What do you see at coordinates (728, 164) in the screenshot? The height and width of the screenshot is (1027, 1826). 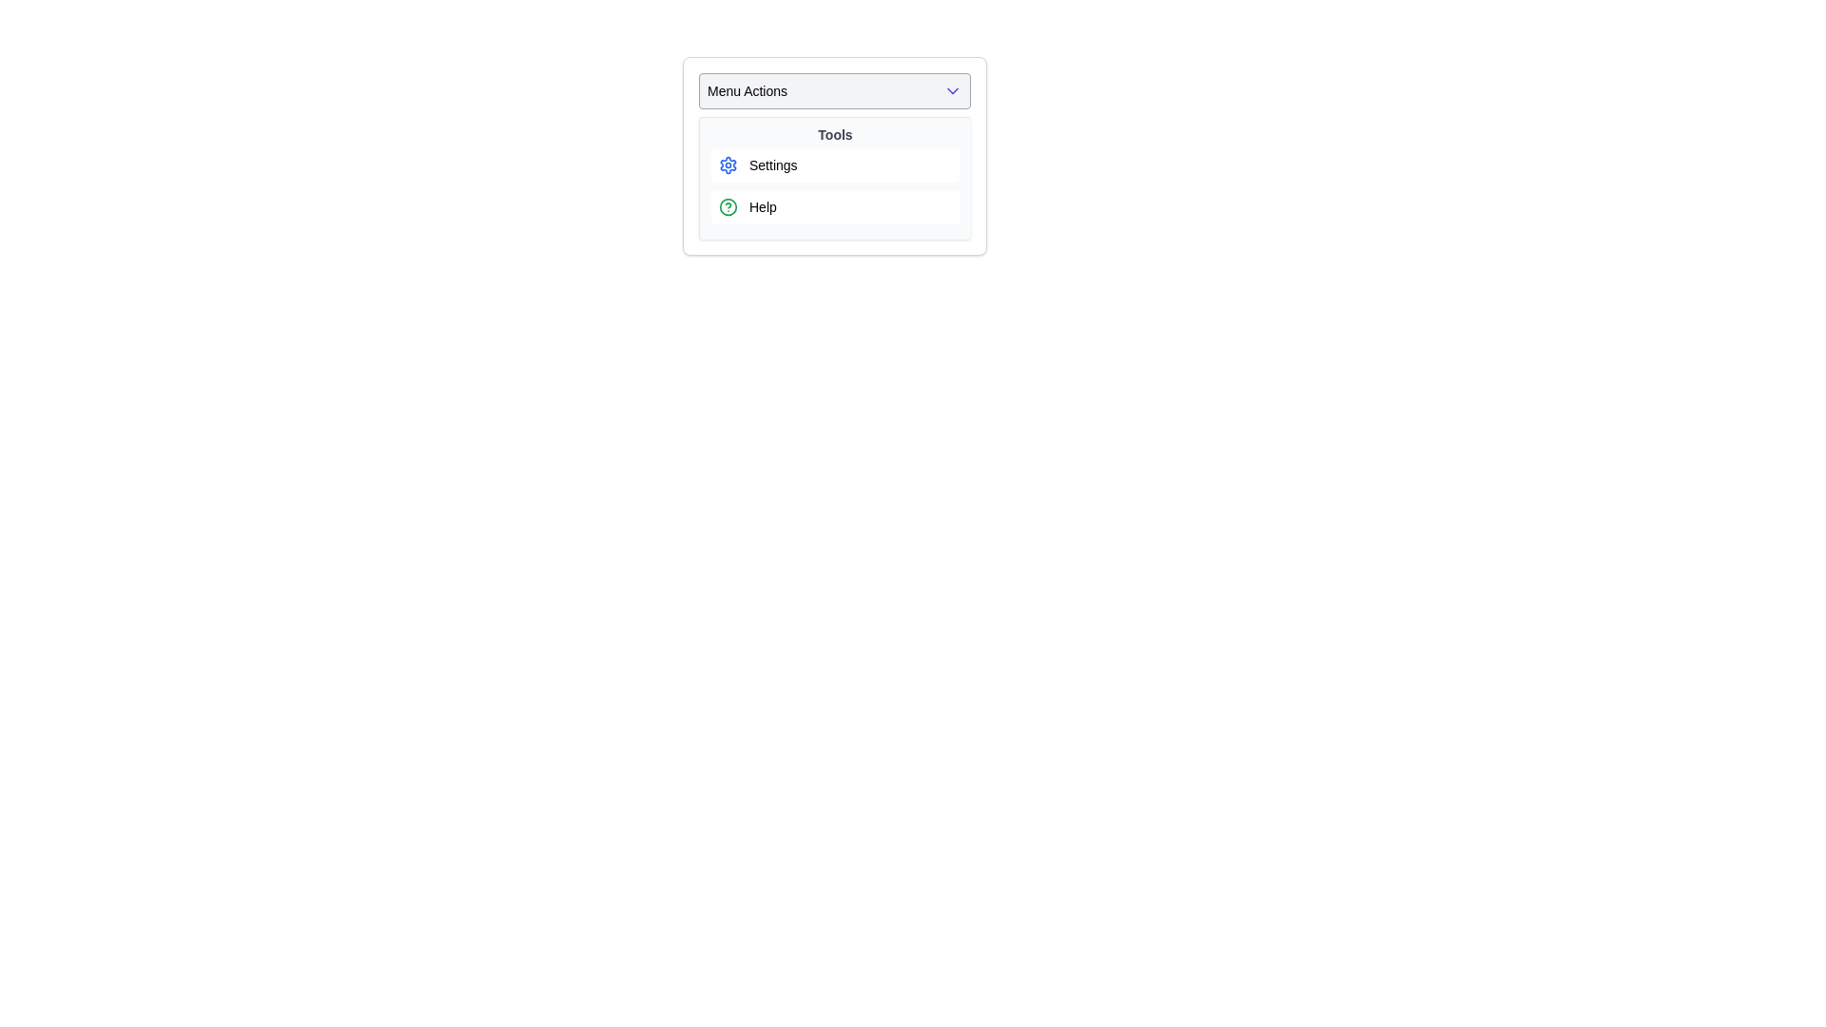 I see `the settings icon located in the dropdown menu under the 'Tools' section` at bounding box center [728, 164].